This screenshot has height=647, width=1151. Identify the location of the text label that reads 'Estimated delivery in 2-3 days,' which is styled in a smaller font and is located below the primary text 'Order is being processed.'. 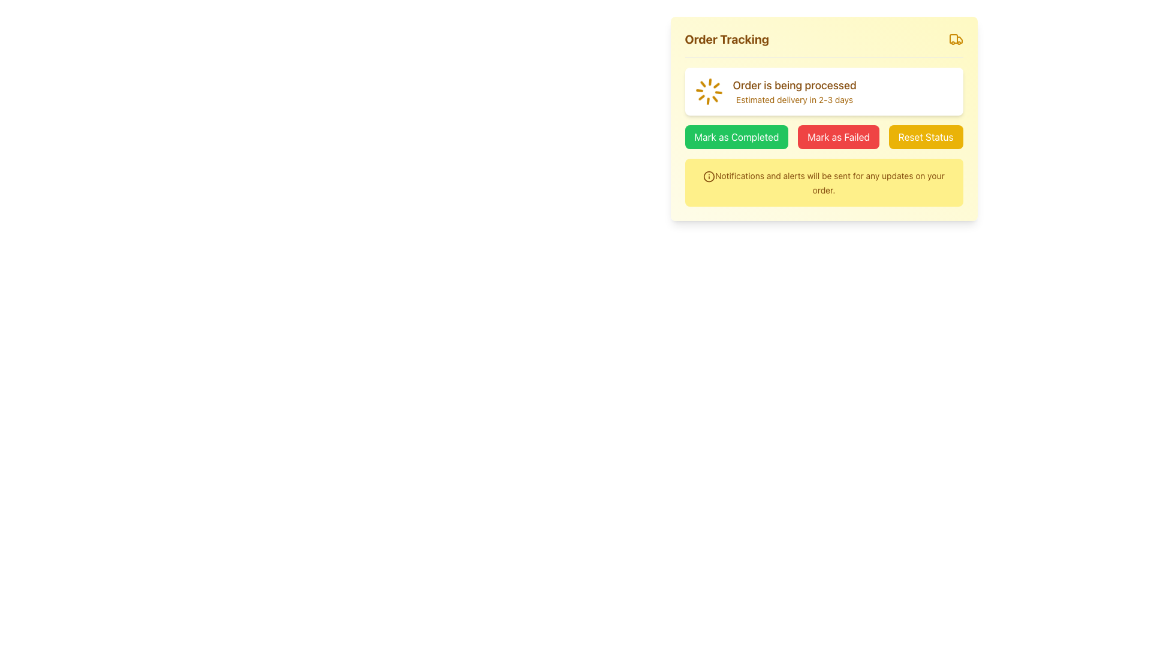
(794, 99).